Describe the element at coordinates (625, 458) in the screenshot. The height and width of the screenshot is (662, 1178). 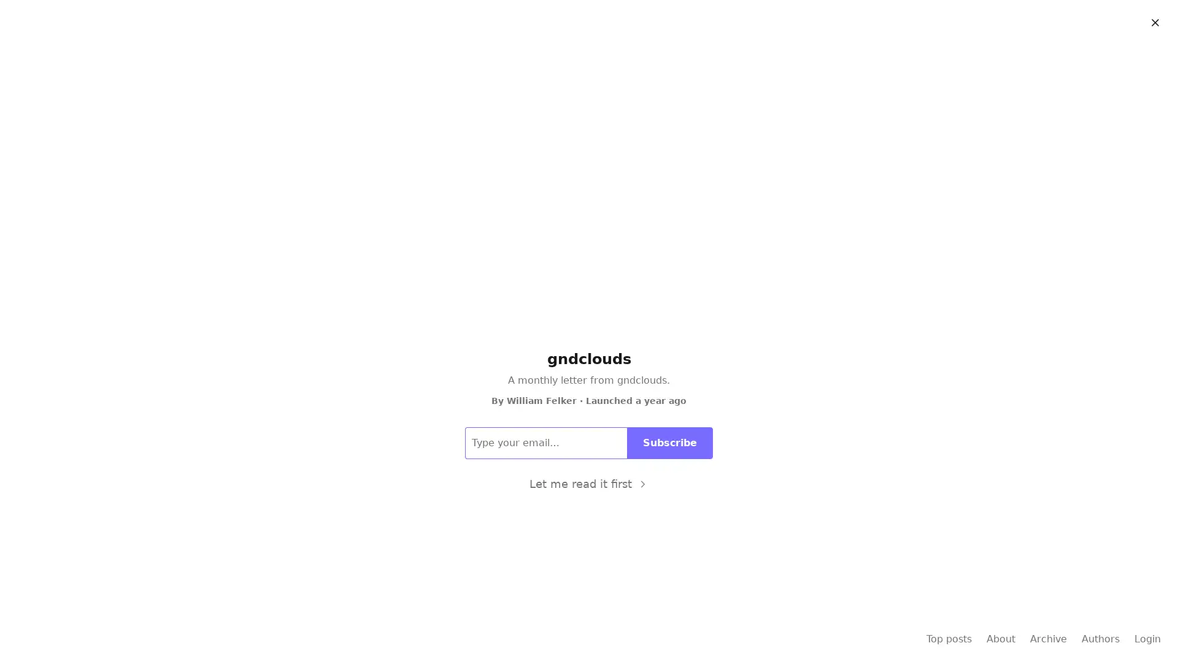
I see `1` at that location.